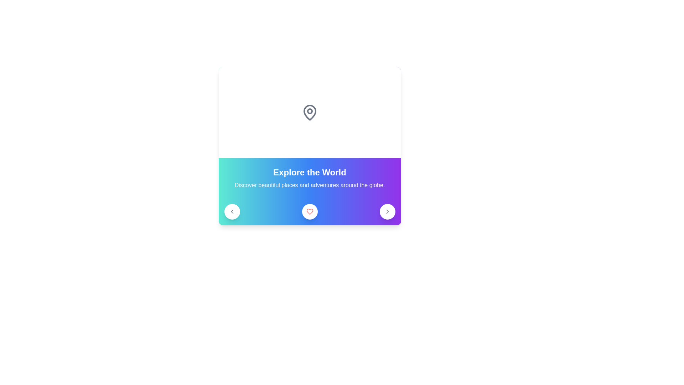 The image size is (684, 385). Describe the element at coordinates (387, 211) in the screenshot. I see `the forward action icon located inside the circular button at the bottom-right of the card layout` at that location.